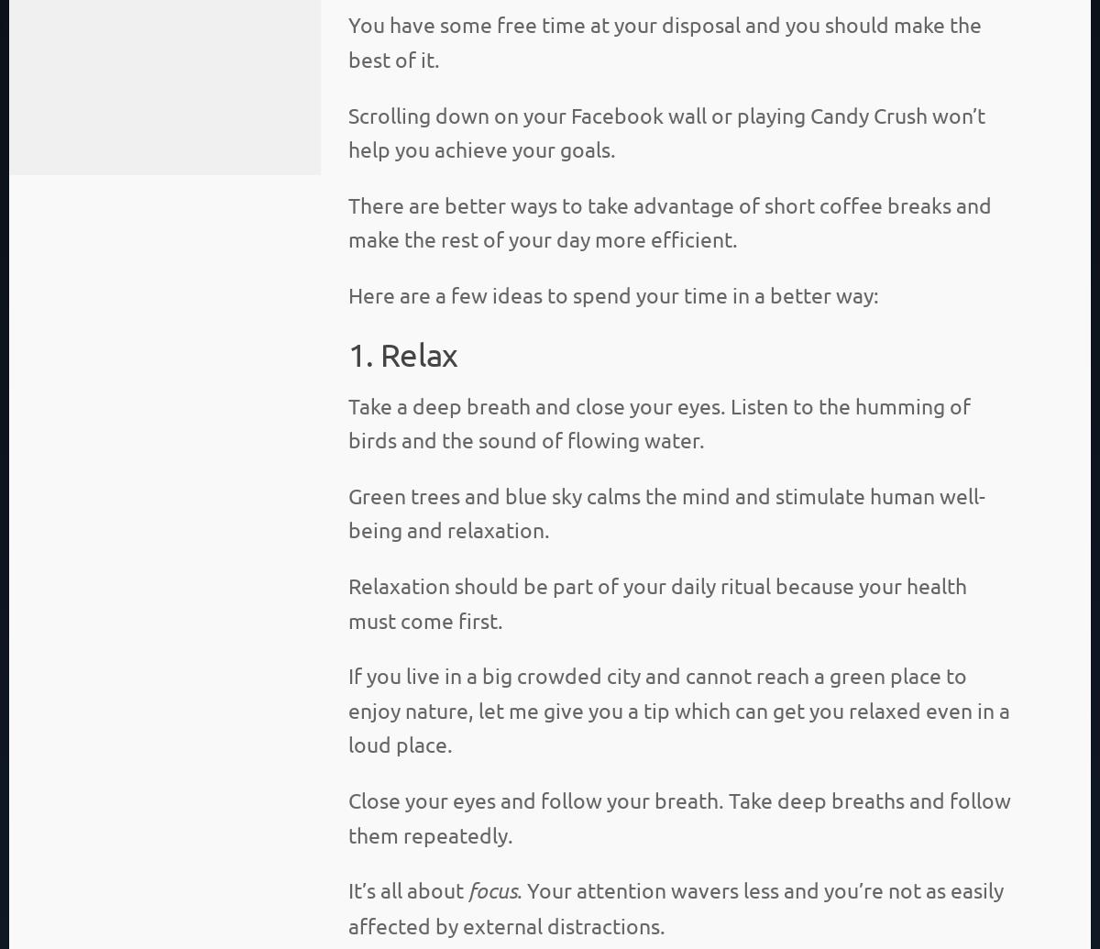 This screenshot has height=949, width=1100. I want to click on 'Take a deep breath and close your eyes. Listen to the humming of birds and the sound of flowing water.', so click(659, 422).